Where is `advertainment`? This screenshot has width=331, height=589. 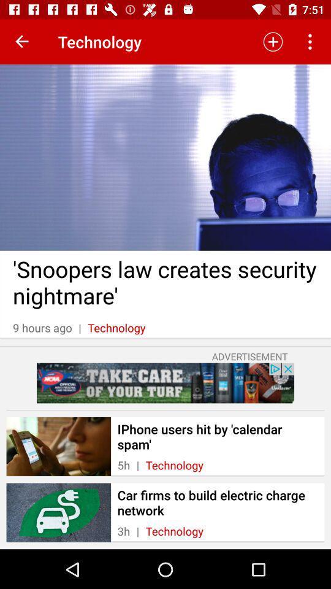 advertainment is located at coordinates (165, 382).